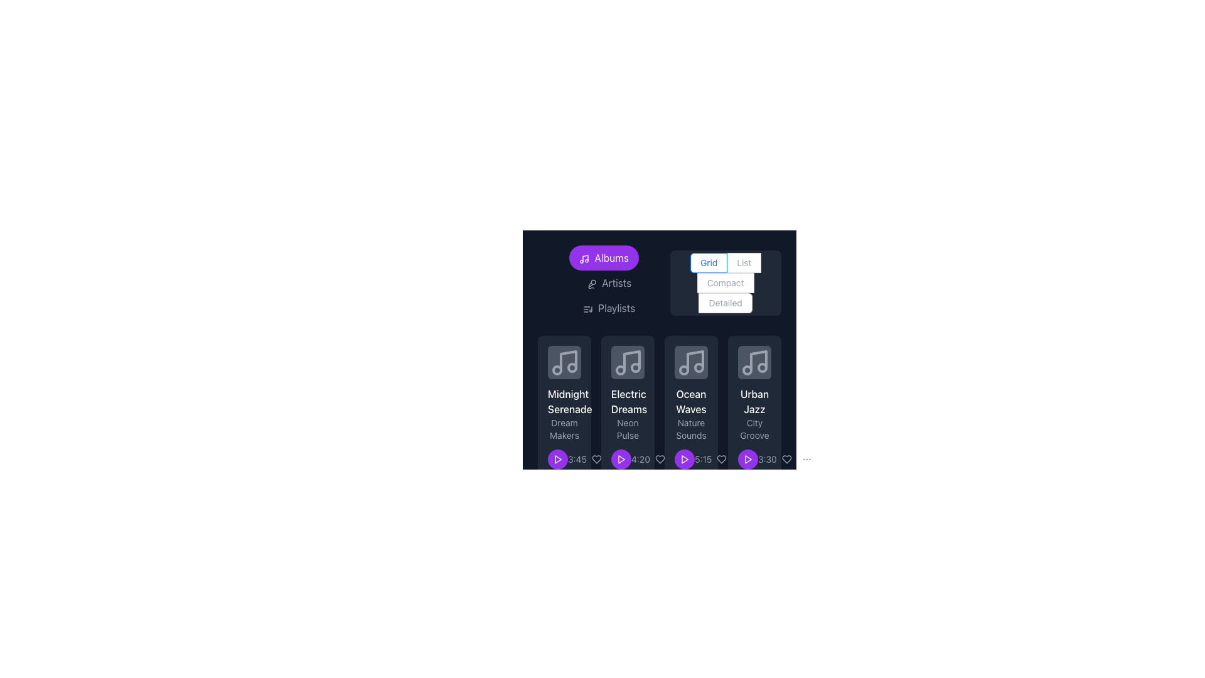  What do you see at coordinates (744, 262) in the screenshot?
I see `the 'List' radio button, which is the second button in a group of radio buttons including 'Grid' and 'Compact'` at bounding box center [744, 262].